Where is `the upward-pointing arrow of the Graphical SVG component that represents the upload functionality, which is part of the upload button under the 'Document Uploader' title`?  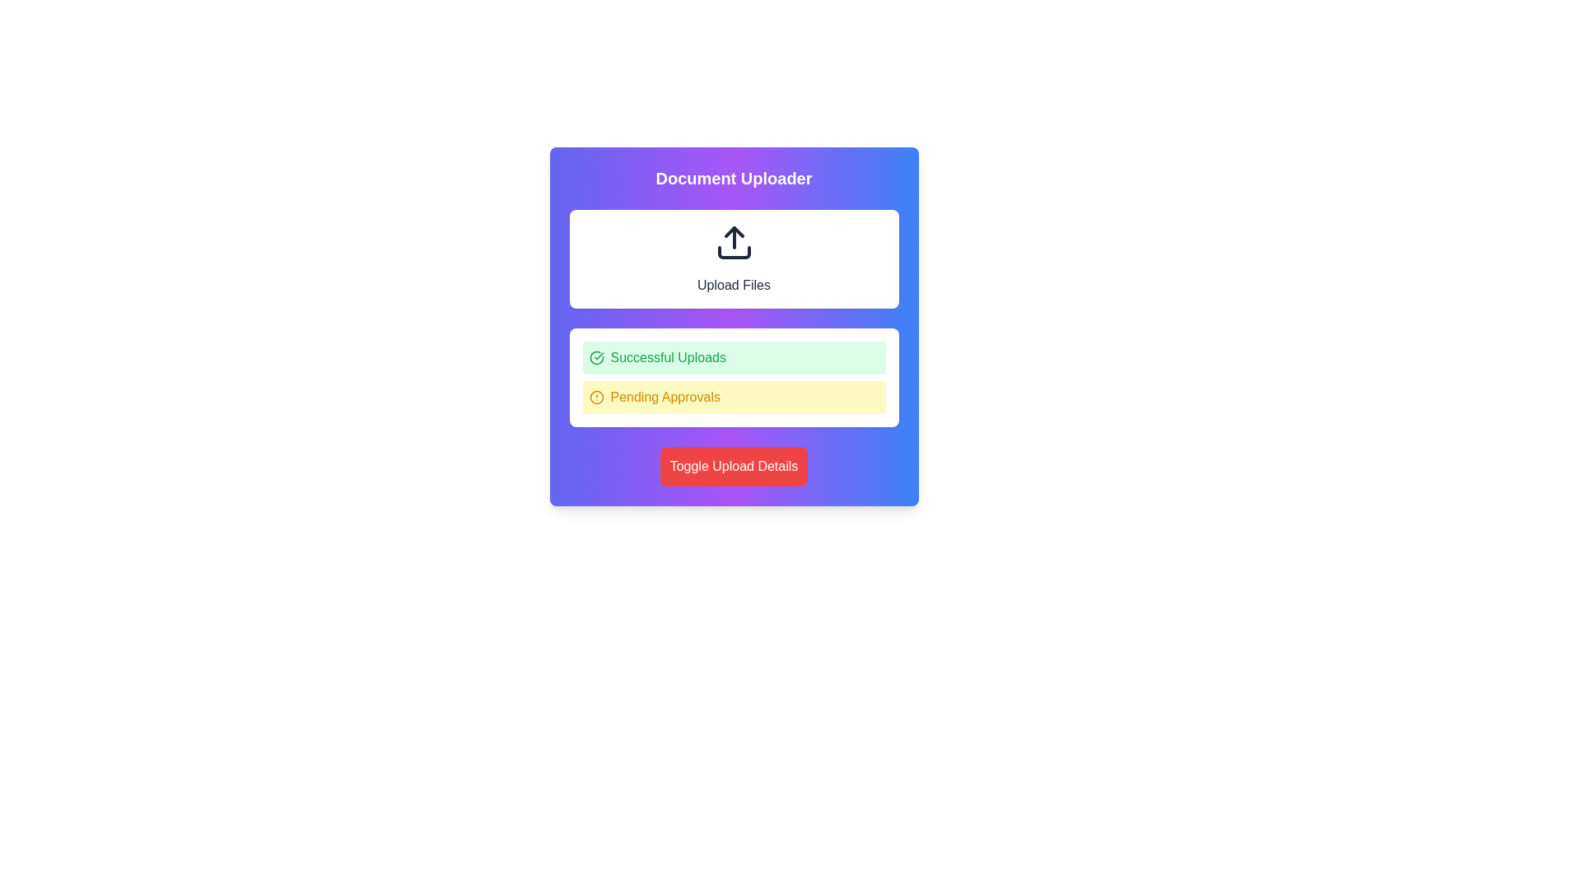
the upward-pointing arrow of the Graphical SVG component that represents the upload functionality, which is part of the upload button under the 'Document Uploader' title is located at coordinates (733, 231).